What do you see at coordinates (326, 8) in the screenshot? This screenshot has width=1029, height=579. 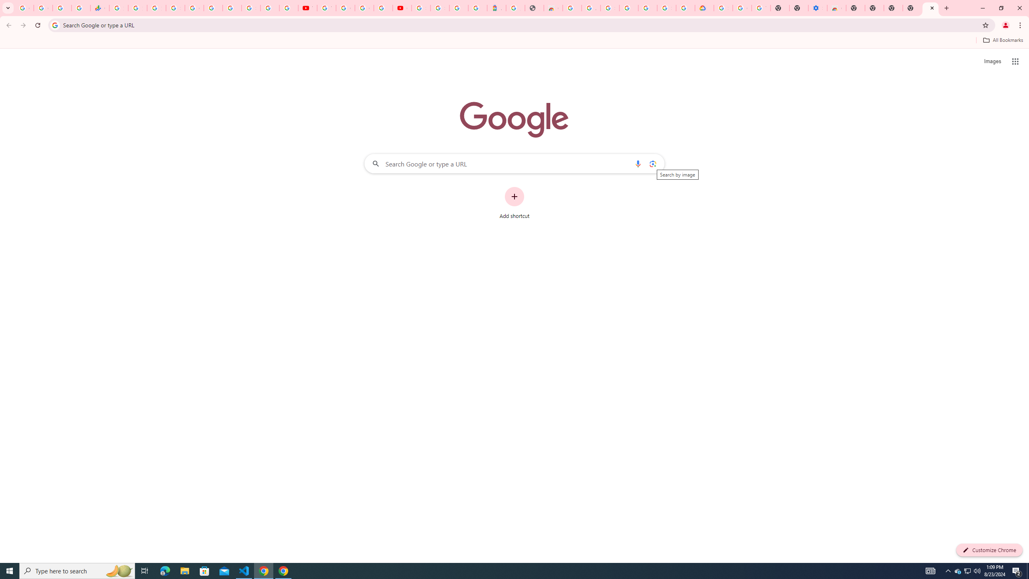 I see `'YouTube'` at bounding box center [326, 8].